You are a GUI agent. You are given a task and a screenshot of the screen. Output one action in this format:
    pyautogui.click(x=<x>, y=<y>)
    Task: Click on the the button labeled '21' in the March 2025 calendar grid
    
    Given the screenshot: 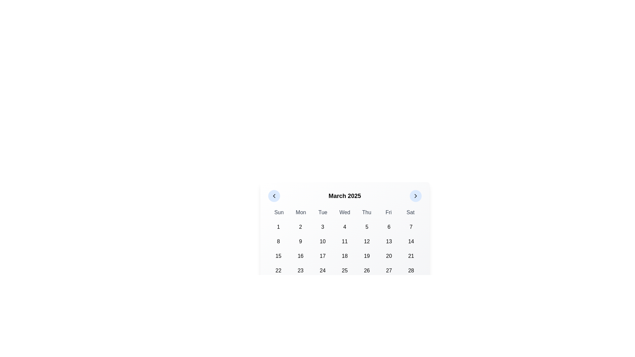 What is the action you would take?
    pyautogui.click(x=411, y=256)
    